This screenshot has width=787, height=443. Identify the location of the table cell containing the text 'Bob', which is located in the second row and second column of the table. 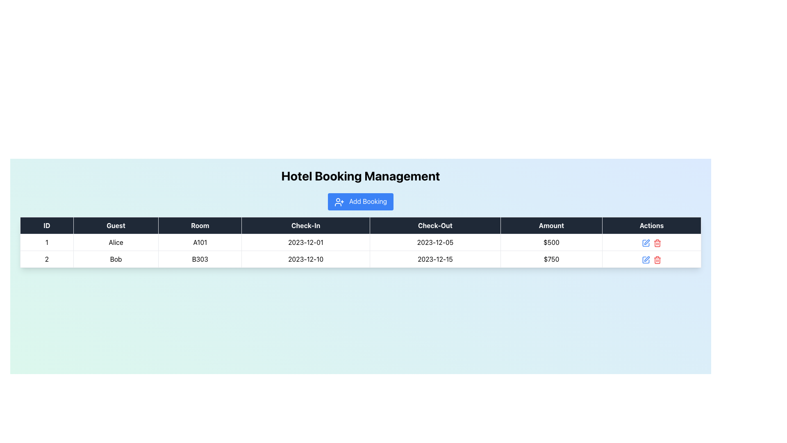
(116, 259).